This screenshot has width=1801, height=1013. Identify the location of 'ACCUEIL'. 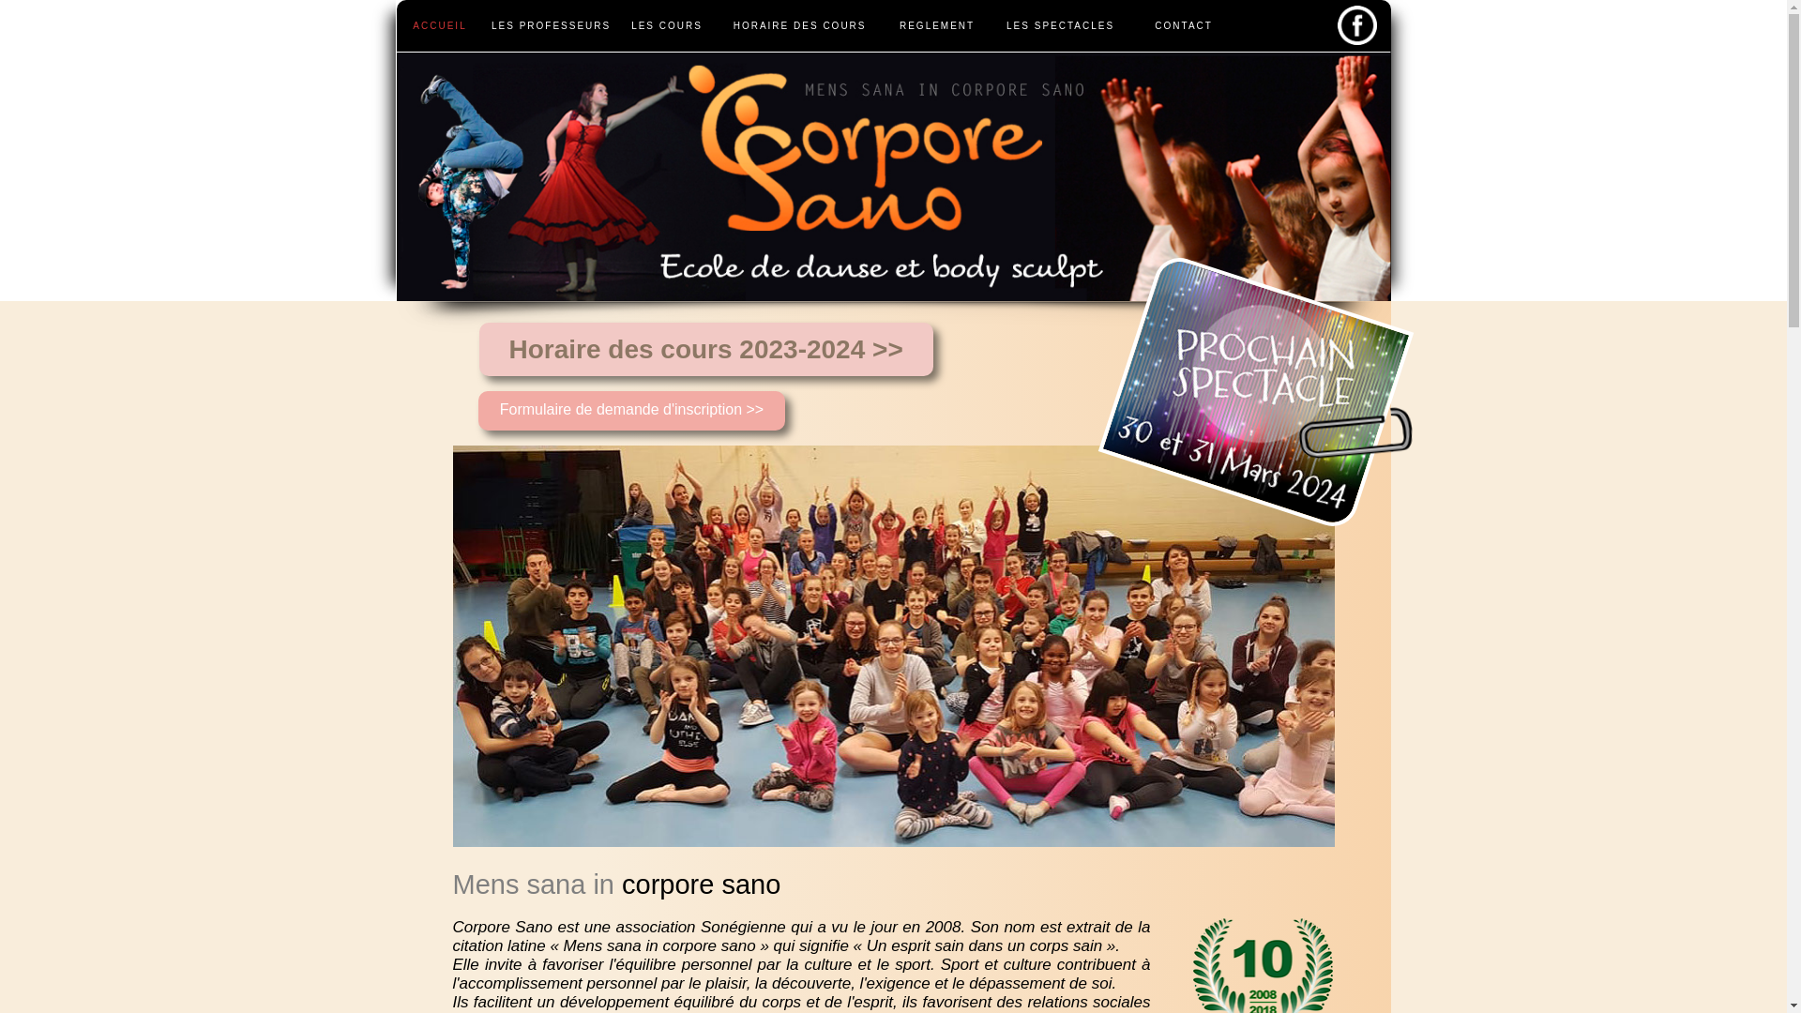
(438, 25).